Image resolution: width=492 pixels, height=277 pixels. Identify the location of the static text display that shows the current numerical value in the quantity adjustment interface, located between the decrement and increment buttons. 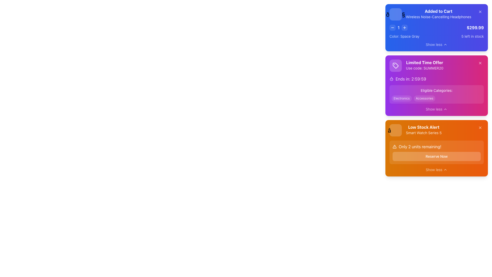
(398, 28).